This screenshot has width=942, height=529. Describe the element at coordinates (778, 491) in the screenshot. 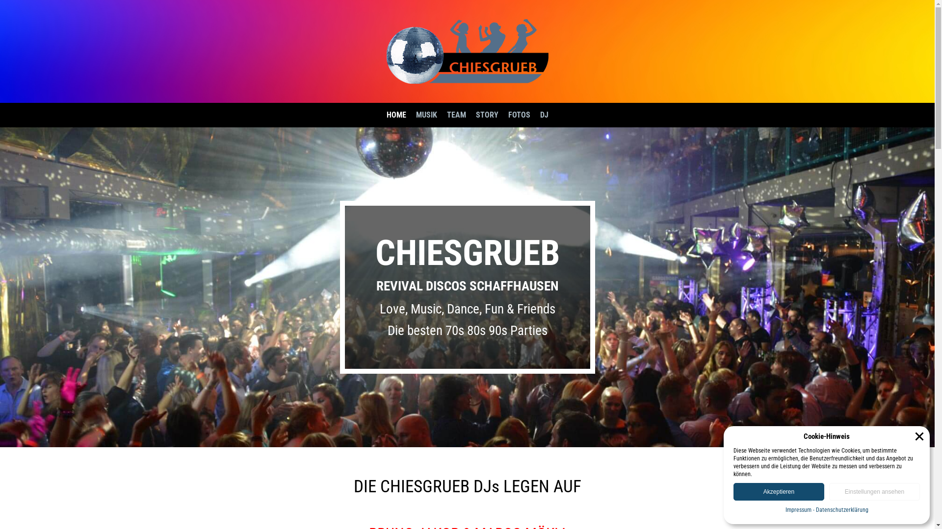

I see `'Akzeptieren'` at that location.